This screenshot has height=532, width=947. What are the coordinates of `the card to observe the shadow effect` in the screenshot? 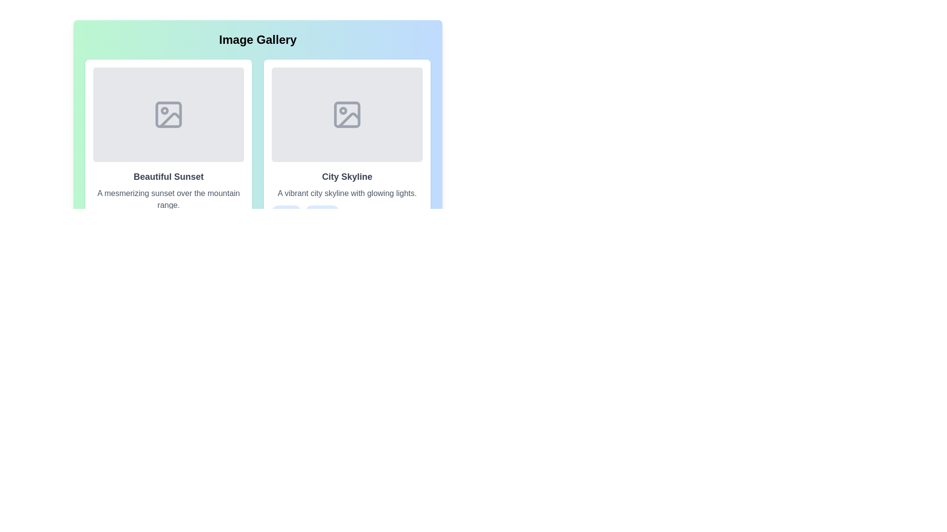 It's located at (168, 165).